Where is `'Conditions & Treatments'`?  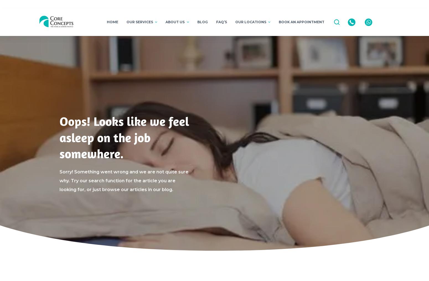 'Conditions & Treatments' is located at coordinates (187, 61).